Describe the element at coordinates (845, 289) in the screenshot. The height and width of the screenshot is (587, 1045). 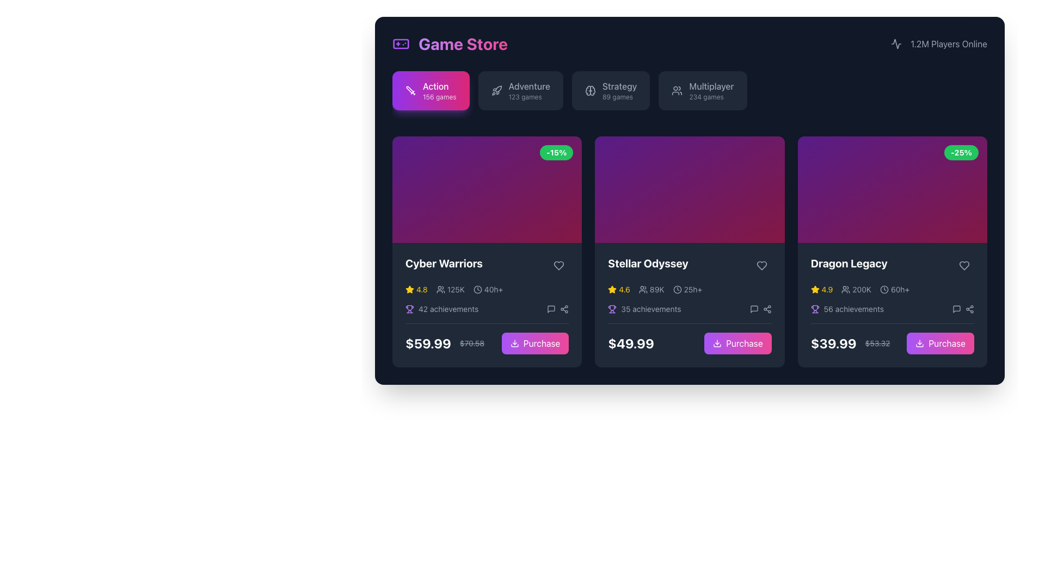
I see `the icon that symbolizes the numerical count of users associated with the '200K' text, which is part of the 'Dragon Legacy' card in the third column of the interface` at that location.